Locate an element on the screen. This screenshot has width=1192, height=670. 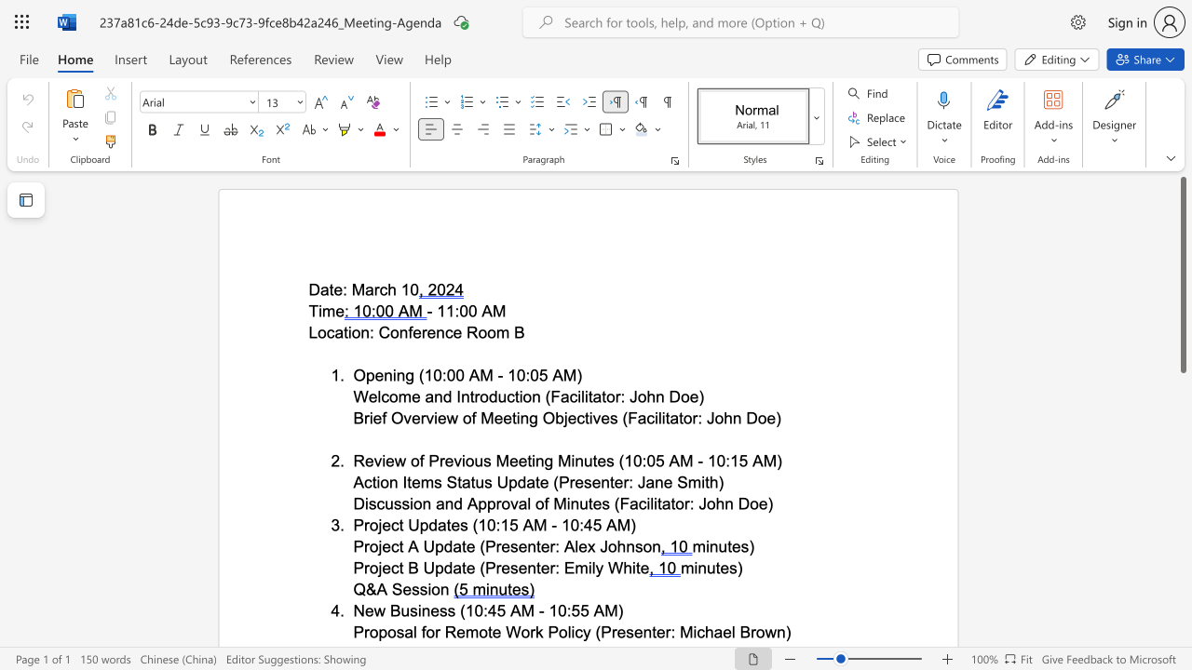
the 1th character "y" in the text is located at coordinates (599, 567).